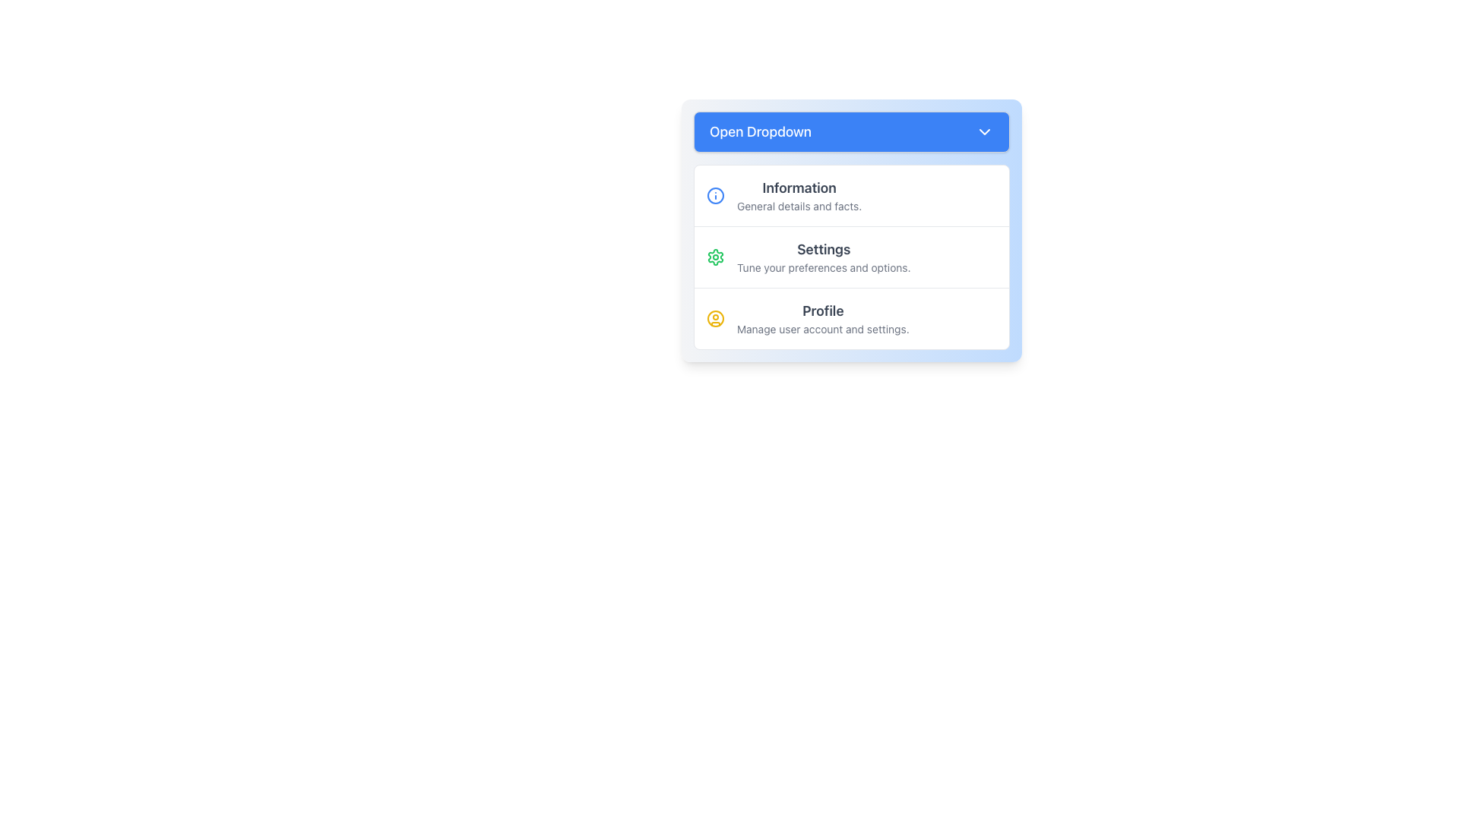 This screenshot has width=1459, height=820. I want to click on the text element providing information about managing user account settings located in the third section of the dropdown menu under the 'Open Dropdown' button, so click(822, 318).